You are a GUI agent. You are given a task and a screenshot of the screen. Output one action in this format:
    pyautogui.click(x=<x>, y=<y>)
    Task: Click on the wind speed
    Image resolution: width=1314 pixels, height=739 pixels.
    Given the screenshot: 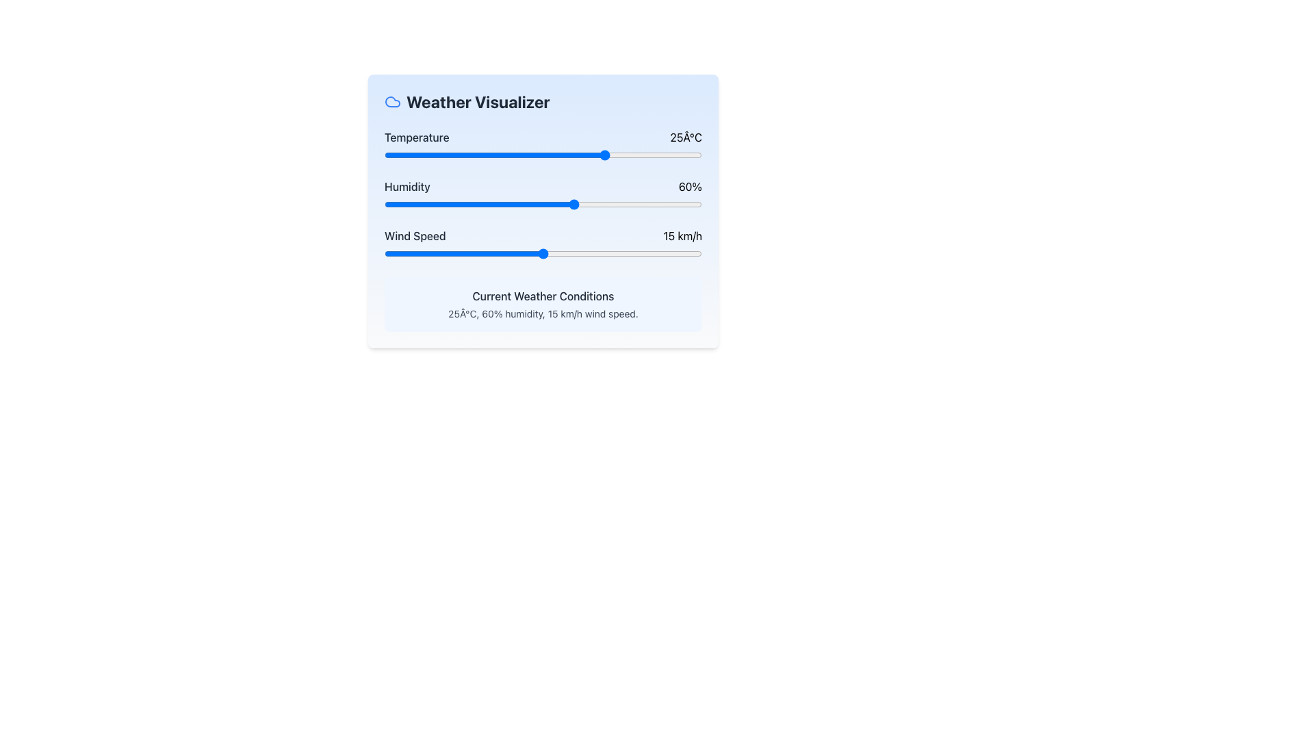 What is the action you would take?
    pyautogui.click(x=585, y=253)
    